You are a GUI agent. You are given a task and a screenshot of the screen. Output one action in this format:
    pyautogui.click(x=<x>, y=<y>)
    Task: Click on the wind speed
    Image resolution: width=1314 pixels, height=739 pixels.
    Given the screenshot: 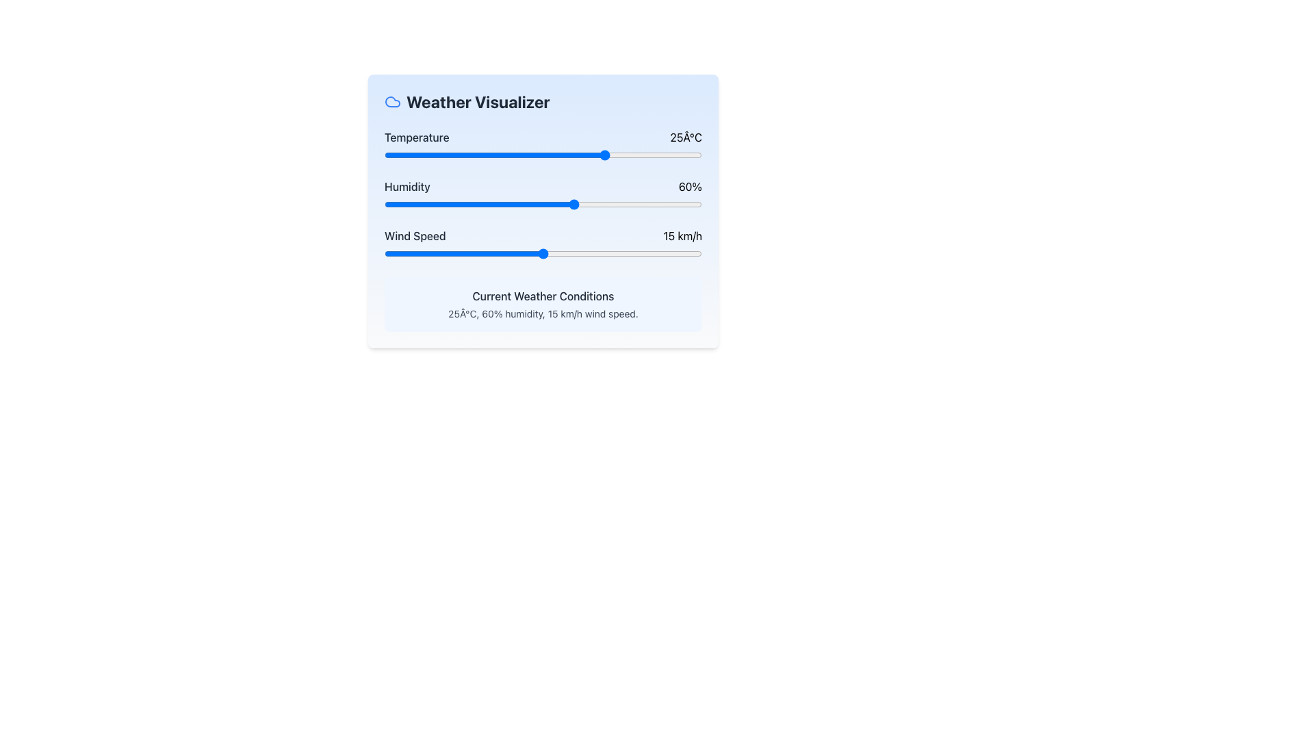 What is the action you would take?
    pyautogui.click(x=585, y=253)
    